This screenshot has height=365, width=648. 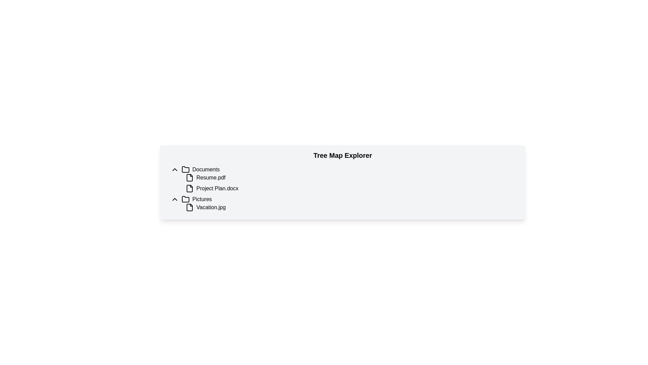 What do you see at coordinates (217, 189) in the screenshot?
I see `the text label 'Project Plan.docx'` at bounding box center [217, 189].